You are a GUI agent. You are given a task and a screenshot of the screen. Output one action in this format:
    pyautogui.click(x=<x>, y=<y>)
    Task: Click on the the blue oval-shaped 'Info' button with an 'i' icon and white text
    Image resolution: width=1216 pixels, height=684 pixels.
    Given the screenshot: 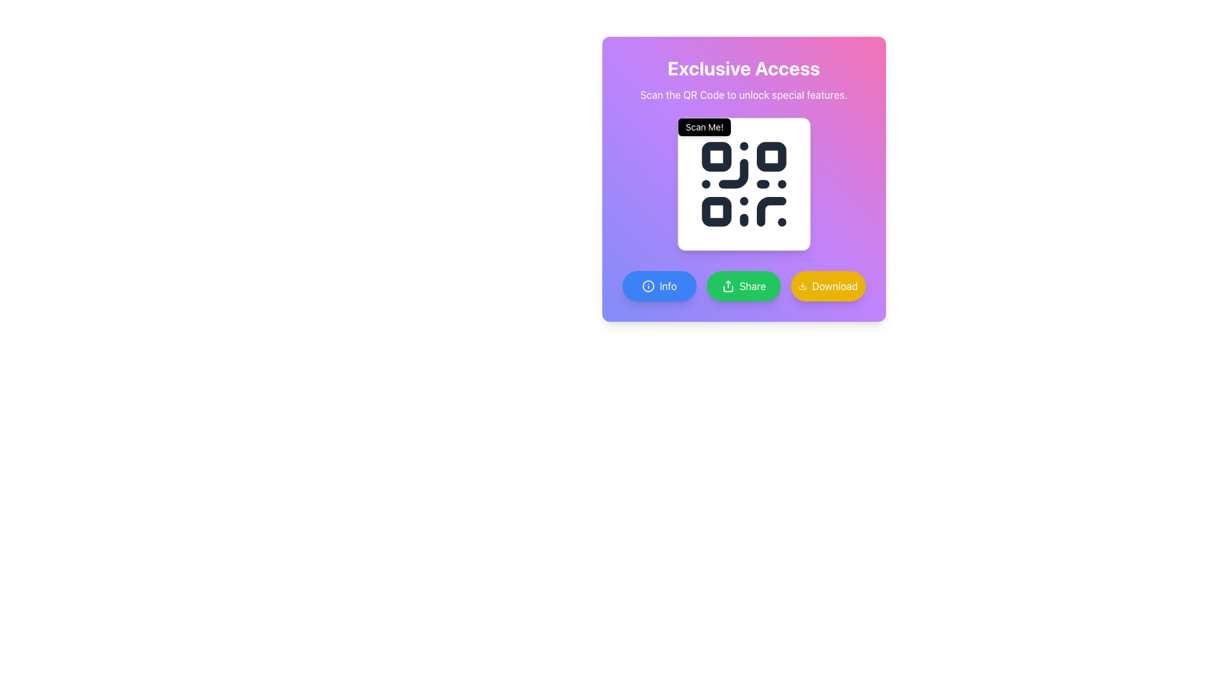 What is the action you would take?
    pyautogui.click(x=659, y=286)
    